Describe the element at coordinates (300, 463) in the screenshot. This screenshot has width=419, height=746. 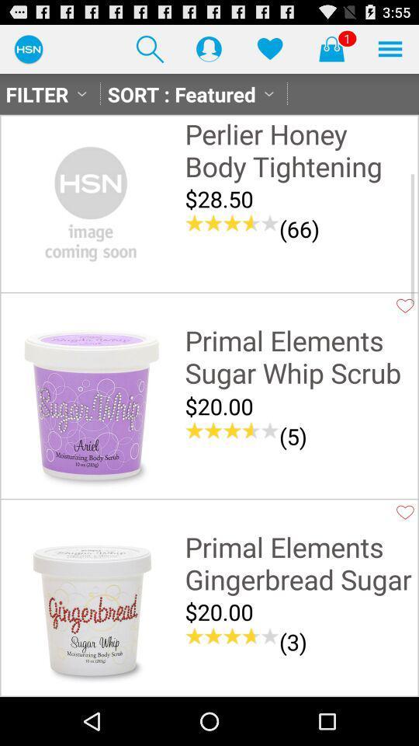
I see `the item below (5) item` at that location.